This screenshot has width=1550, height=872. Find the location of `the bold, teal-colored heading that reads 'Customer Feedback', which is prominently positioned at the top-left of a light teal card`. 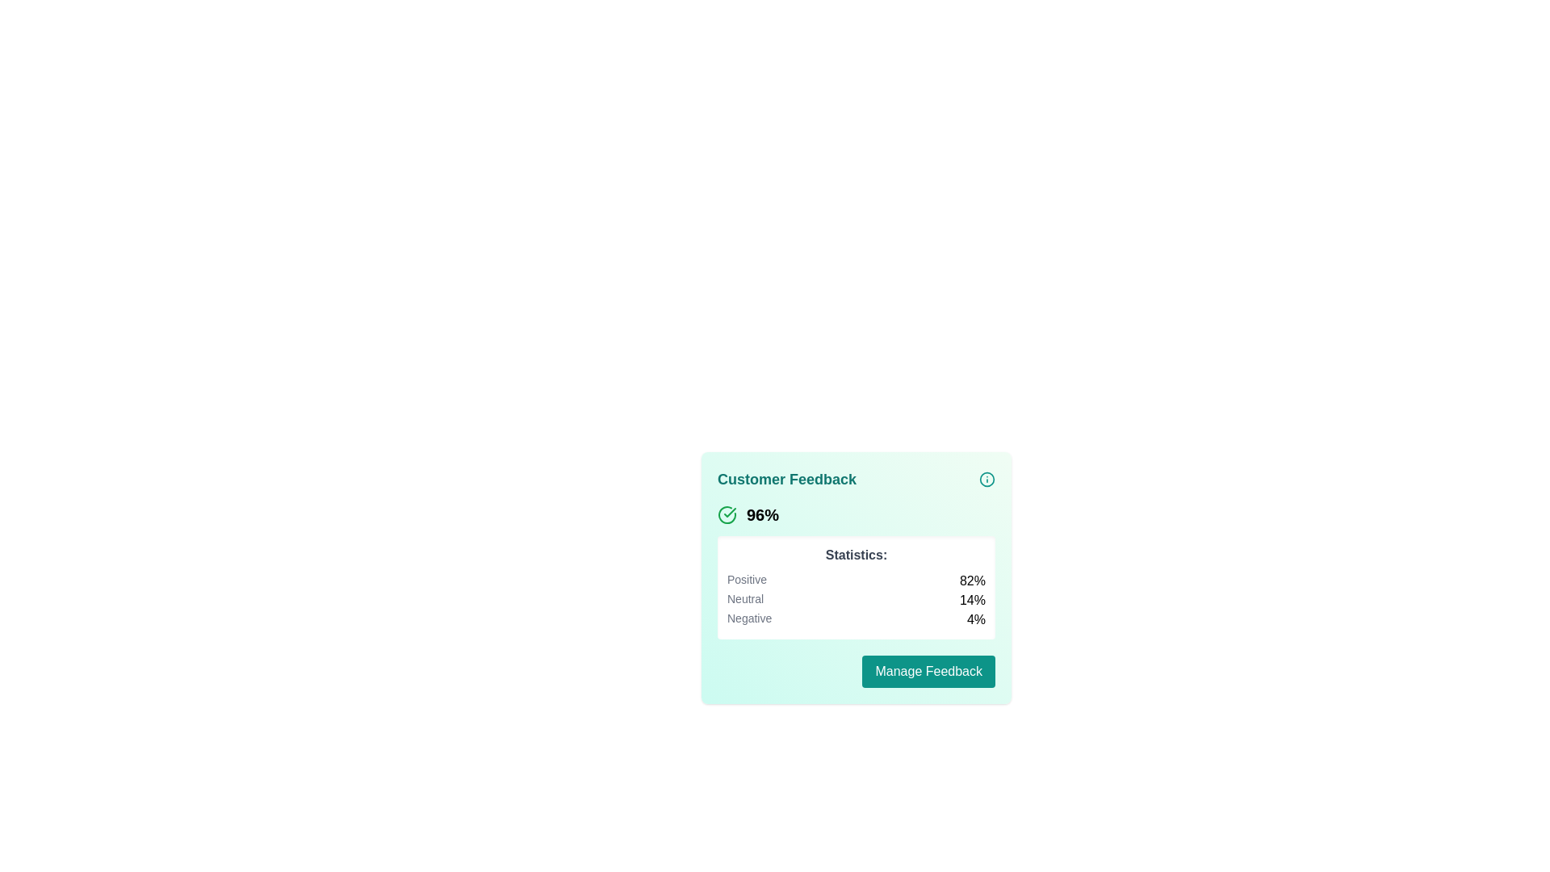

the bold, teal-colored heading that reads 'Customer Feedback', which is prominently positioned at the top-left of a light teal card is located at coordinates (786, 479).